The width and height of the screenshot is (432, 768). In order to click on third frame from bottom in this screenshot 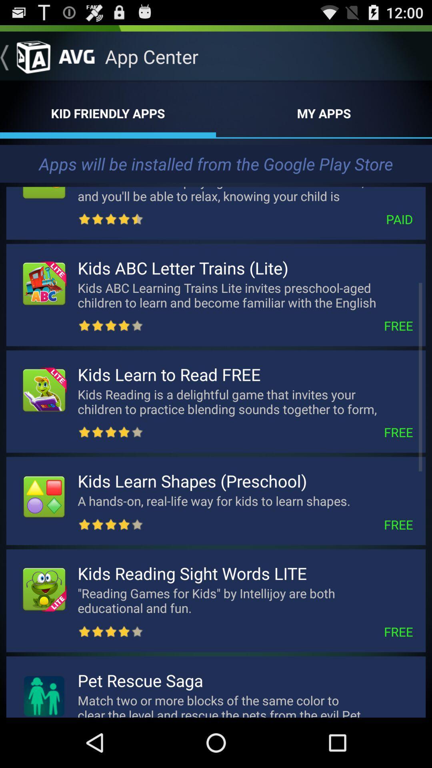, I will do `click(216, 500)`.